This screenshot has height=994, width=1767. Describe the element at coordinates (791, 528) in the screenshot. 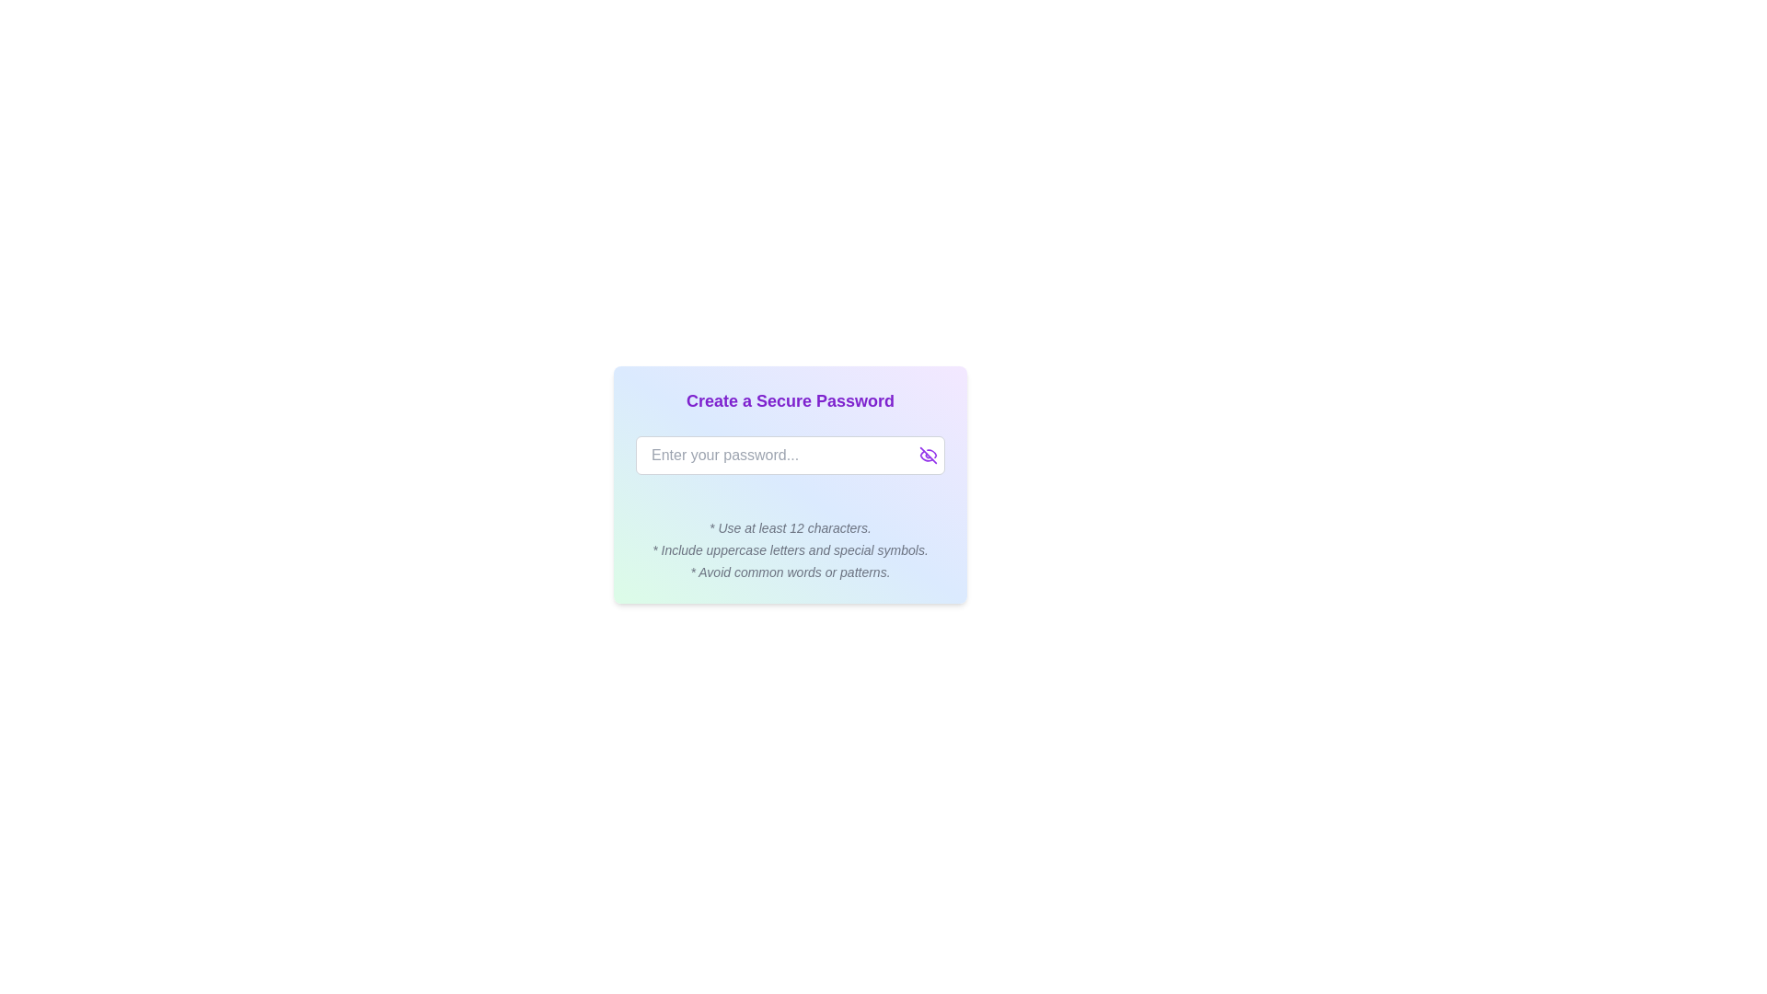

I see `the text label that provides instructions for creating a secure password, which is the first guideline in the list located directly below the password entry field` at that location.